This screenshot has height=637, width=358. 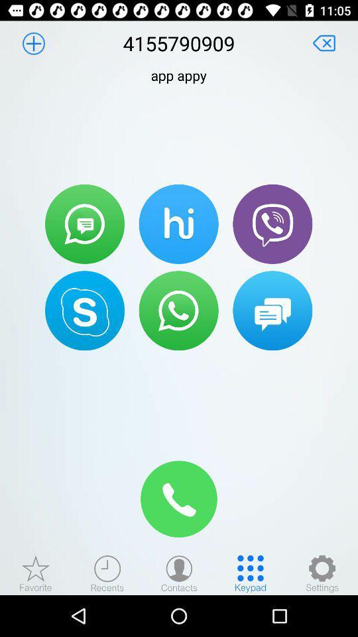 What do you see at coordinates (322, 573) in the screenshot?
I see `settings` at bounding box center [322, 573].